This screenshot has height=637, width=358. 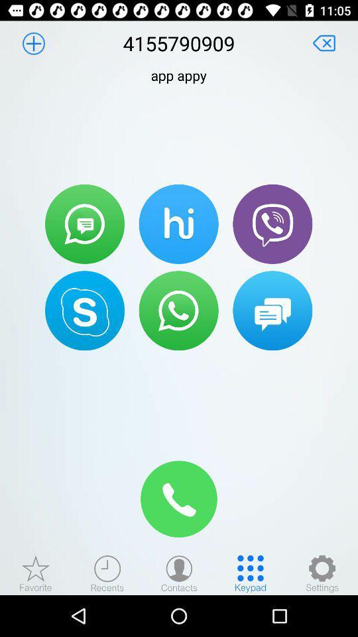 What do you see at coordinates (322, 573) in the screenshot?
I see `settings` at bounding box center [322, 573].